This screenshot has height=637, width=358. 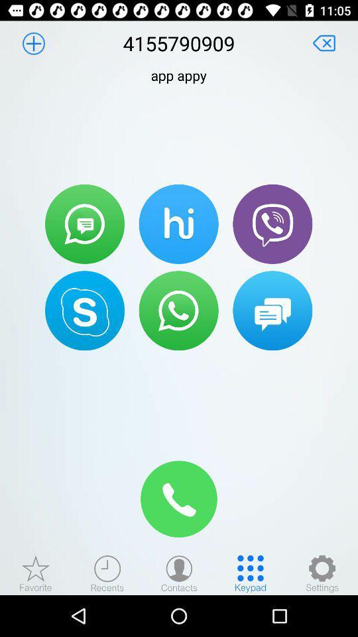 What do you see at coordinates (322, 573) in the screenshot?
I see `settings` at bounding box center [322, 573].